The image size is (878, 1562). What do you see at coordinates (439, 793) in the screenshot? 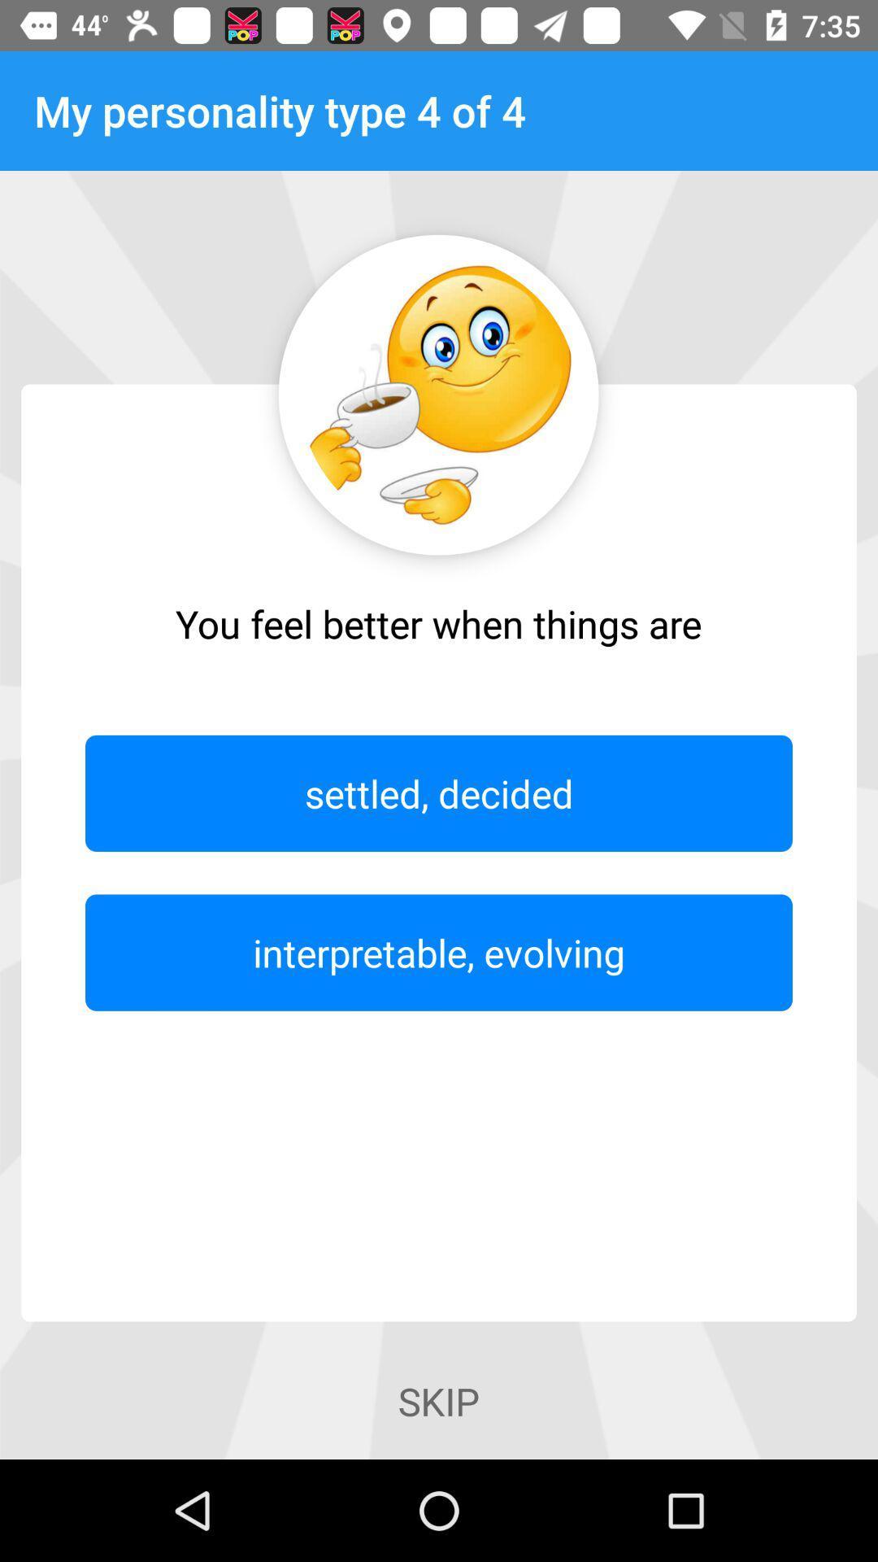
I see `icon above interpretable, evolving item` at bounding box center [439, 793].